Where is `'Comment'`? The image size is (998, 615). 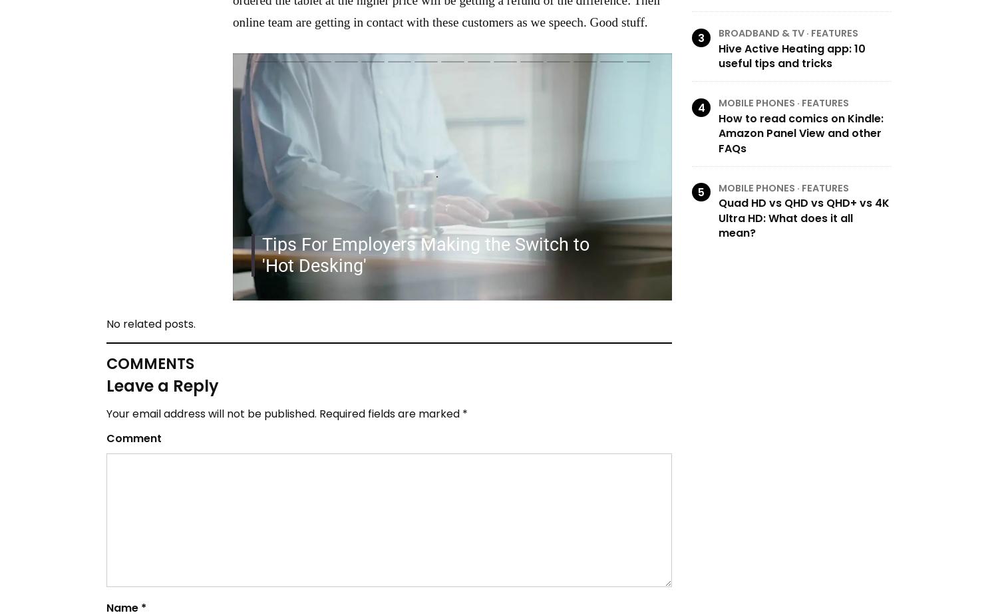 'Comment' is located at coordinates (133, 438).